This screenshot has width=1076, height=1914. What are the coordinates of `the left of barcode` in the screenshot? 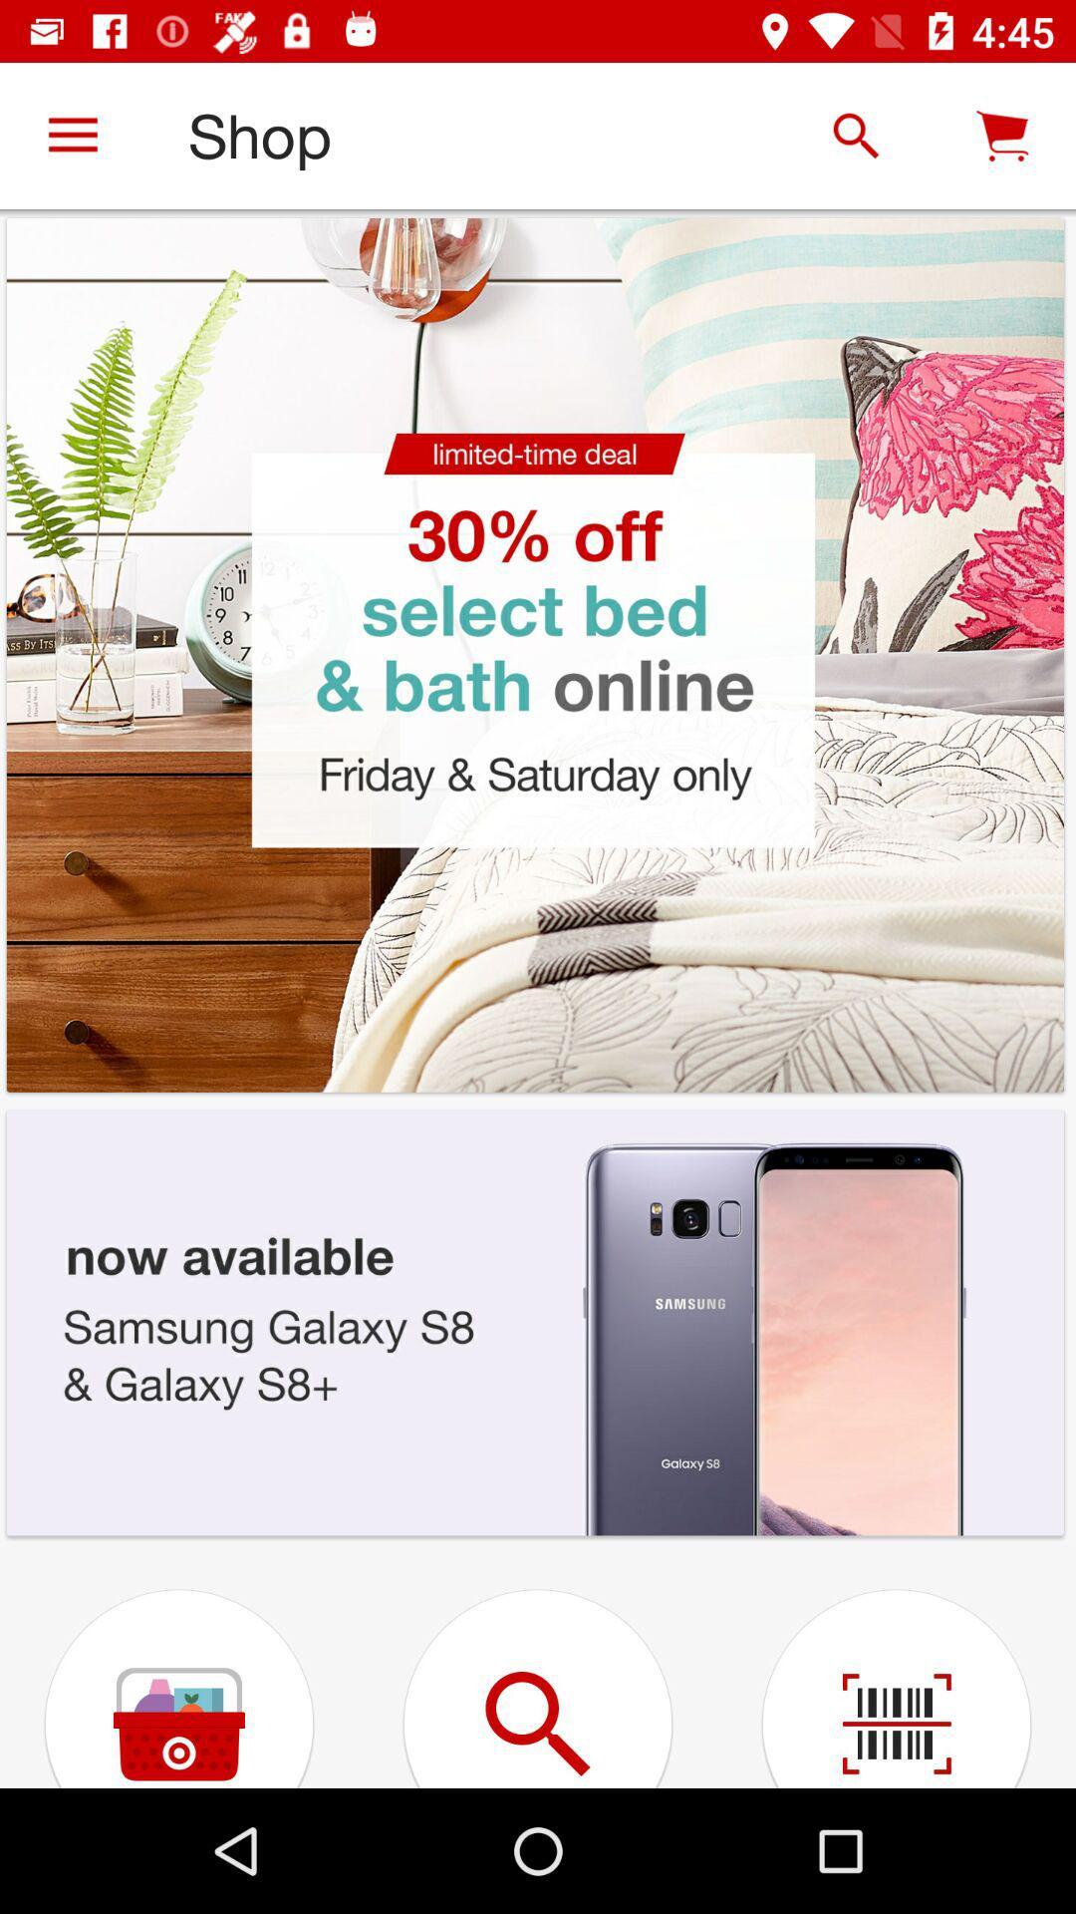 It's located at (538, 1666).